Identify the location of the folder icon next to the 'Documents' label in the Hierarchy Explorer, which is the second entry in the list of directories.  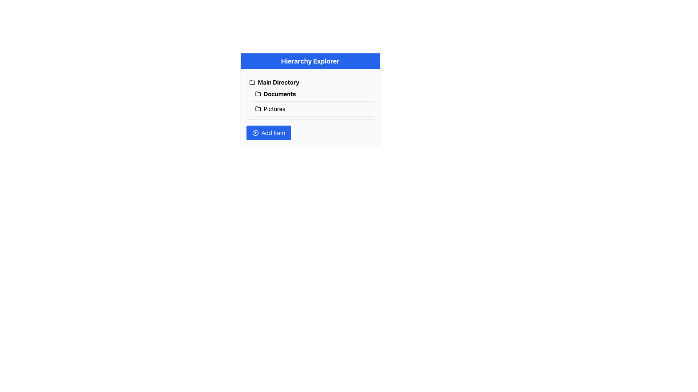
(258, 93).